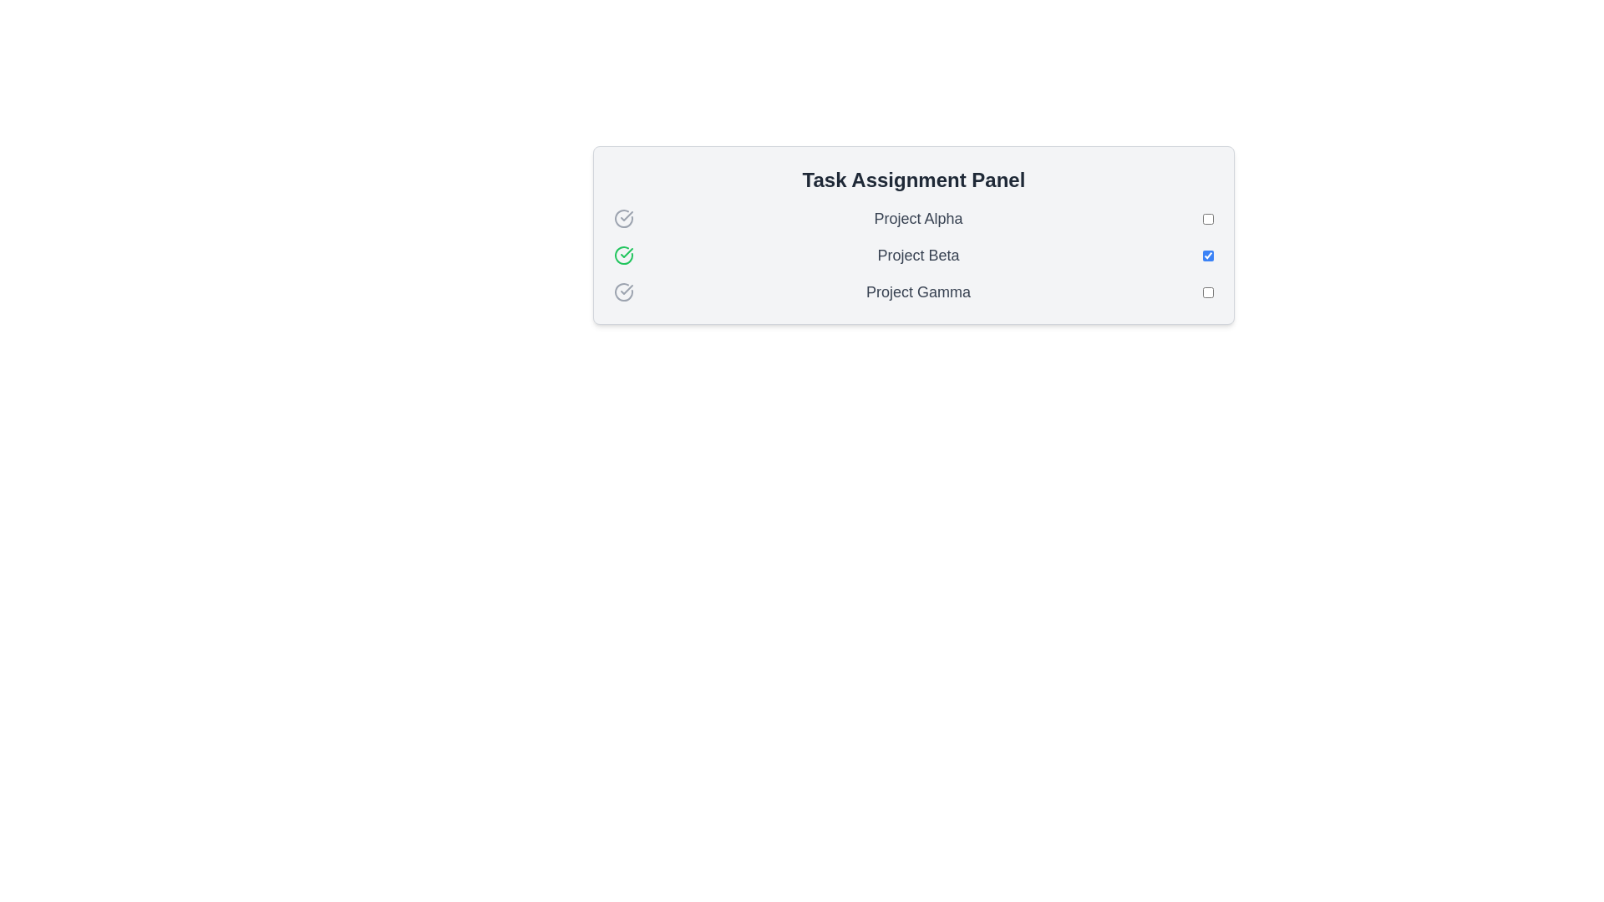  Describe the element at coordinates (917, 218) in the screenshot. I see `the Text Label that indicates the name of a project or item in the task list, positioned centrally with a checkmark icon on the left and a checkbox on the right` at that location.